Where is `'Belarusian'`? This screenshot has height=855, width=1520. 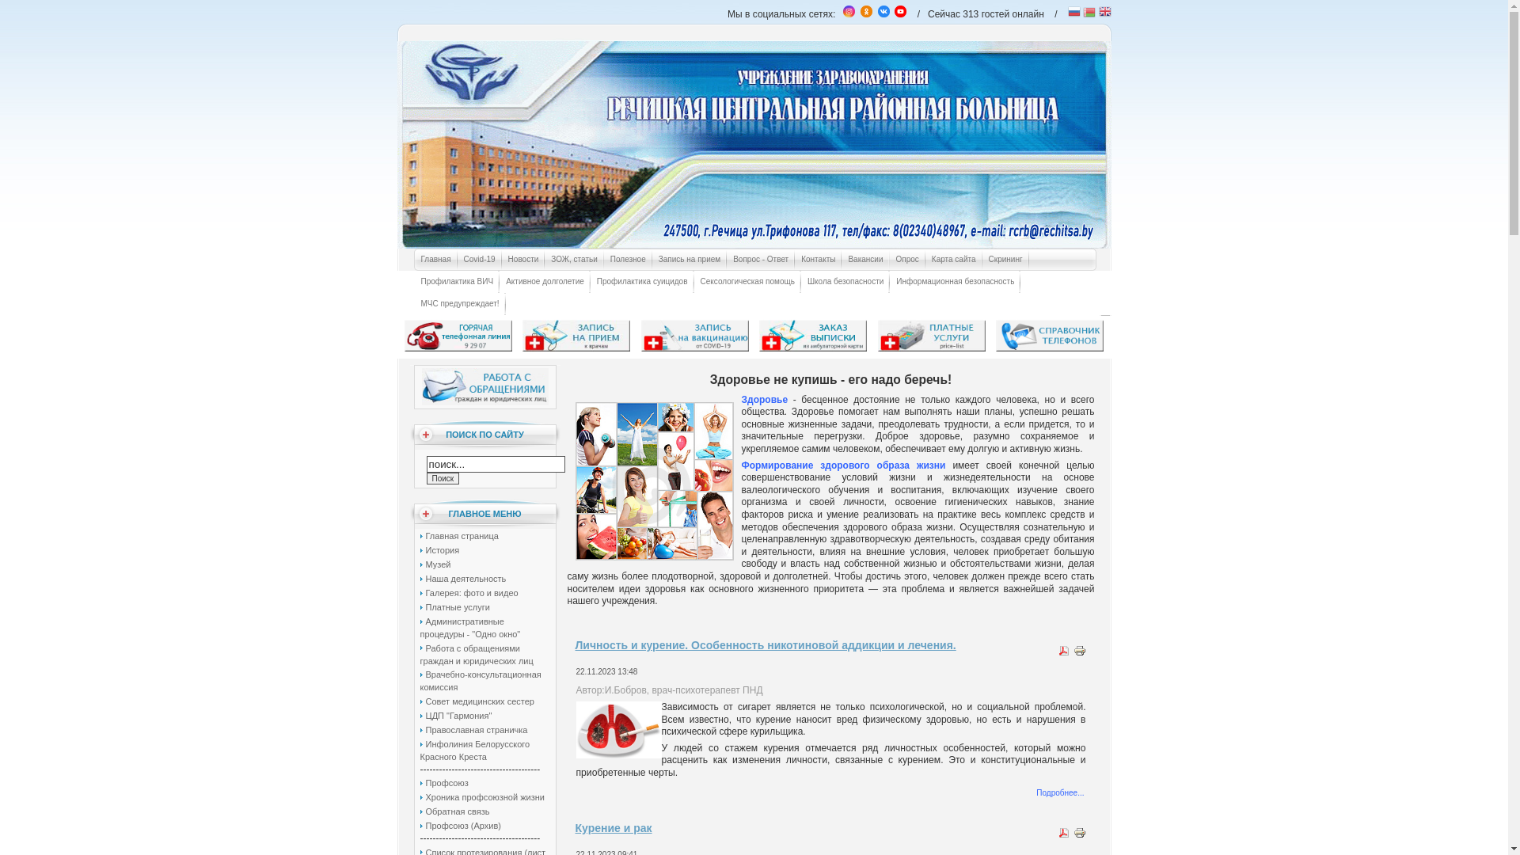
'Belarusian' is located at coordinates (1089, 13).